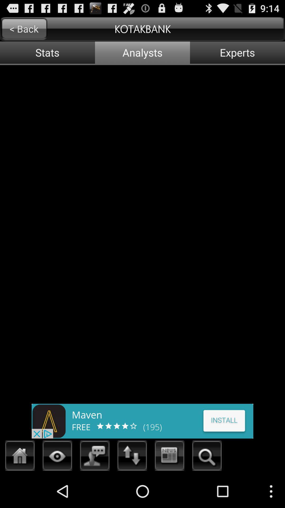 This screenshot has height=508, width=285. I want to click on home, so click(20, 457).